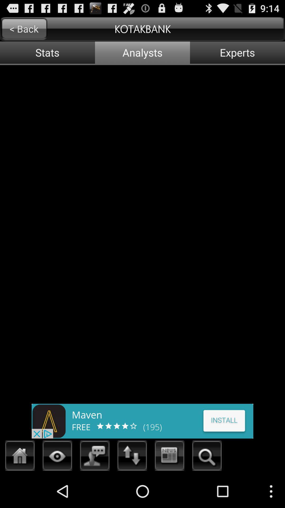 This screenshot has height=508, width=285. I want to click on home, so click(20, 457).